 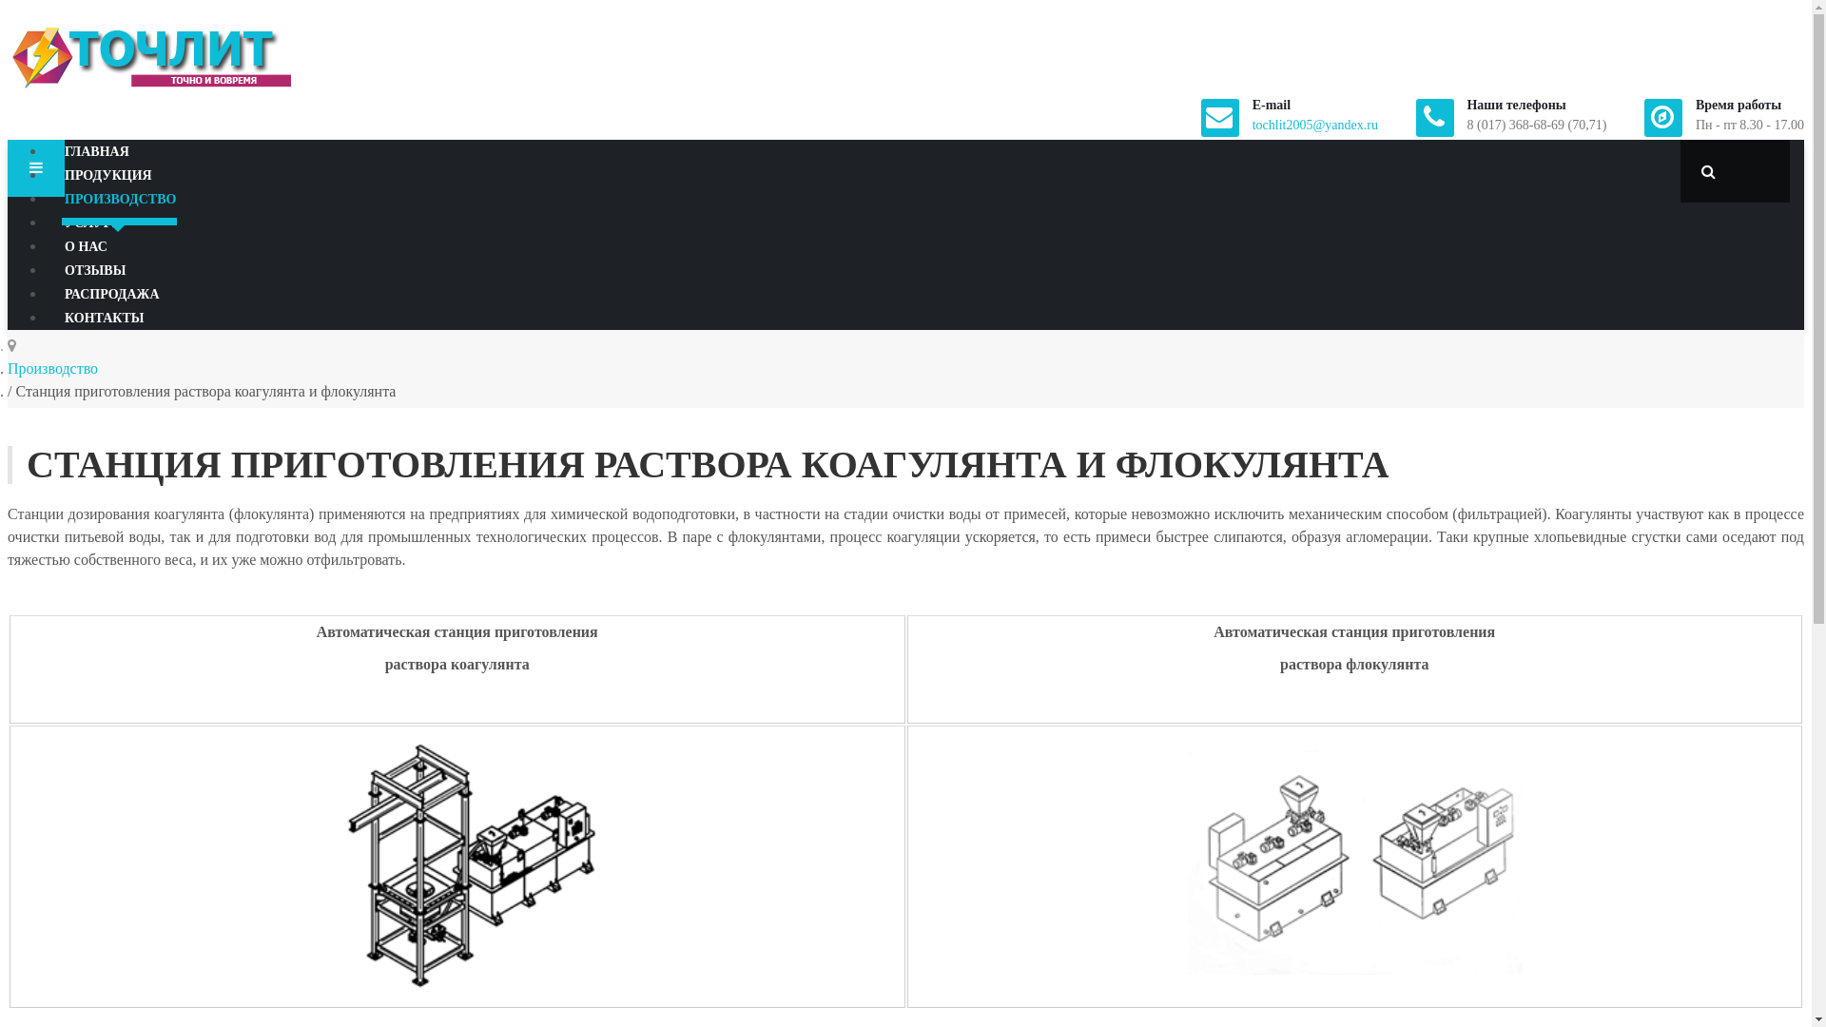 What do you see at coordinates (149, 56) in the screenshot?
I see `'Tochlit.by'` at bounding box center [149, 56].